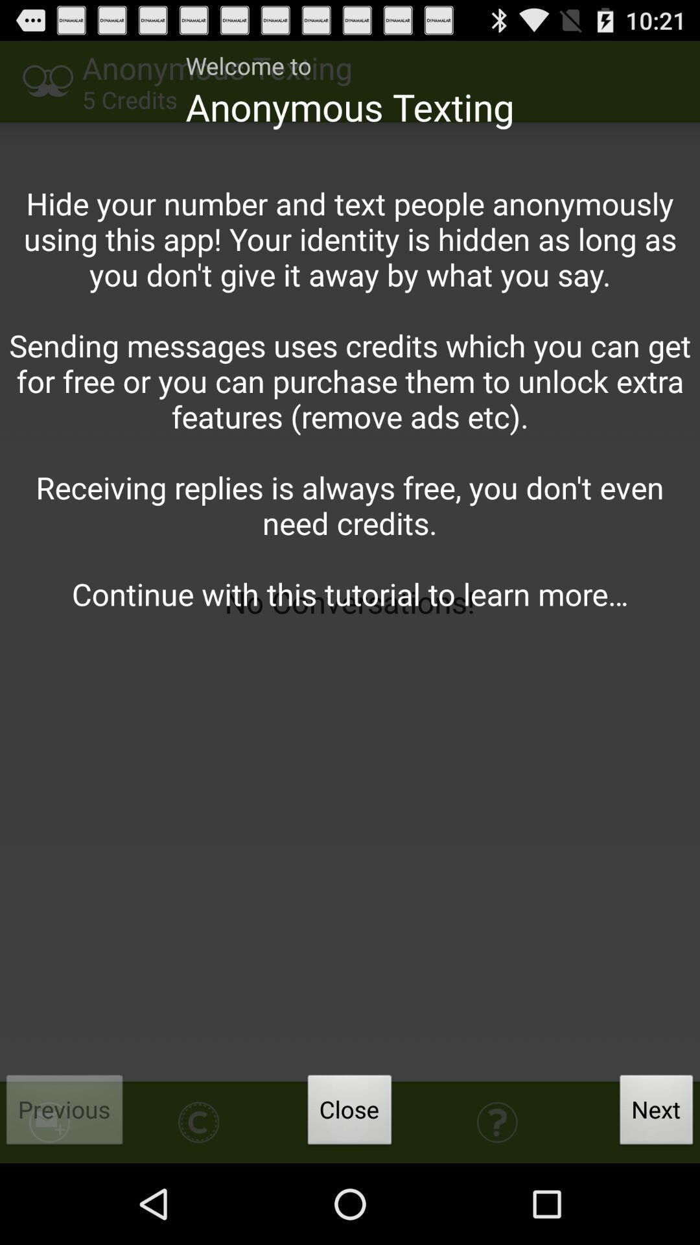  I want to click on the previous item, so click(65, 1113).